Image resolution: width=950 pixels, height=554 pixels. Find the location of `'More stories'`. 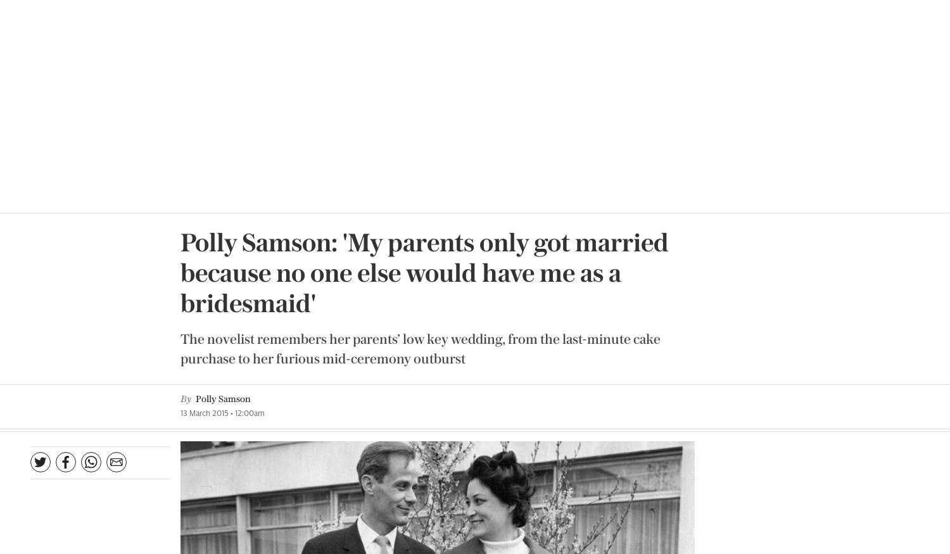

'More stories' is located at coordinates (704, 44).